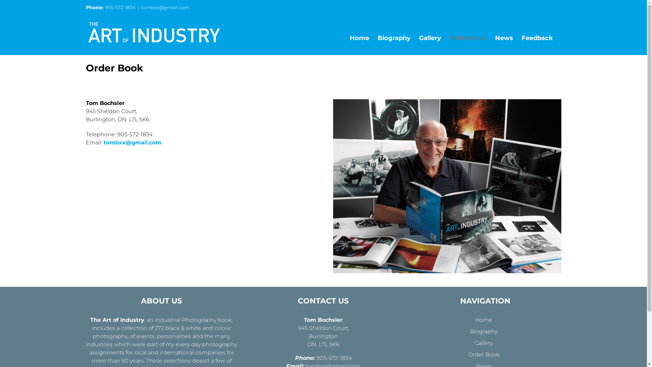 The image size is (652, 367). I want to click on 'Gallery', so click(483, 343).